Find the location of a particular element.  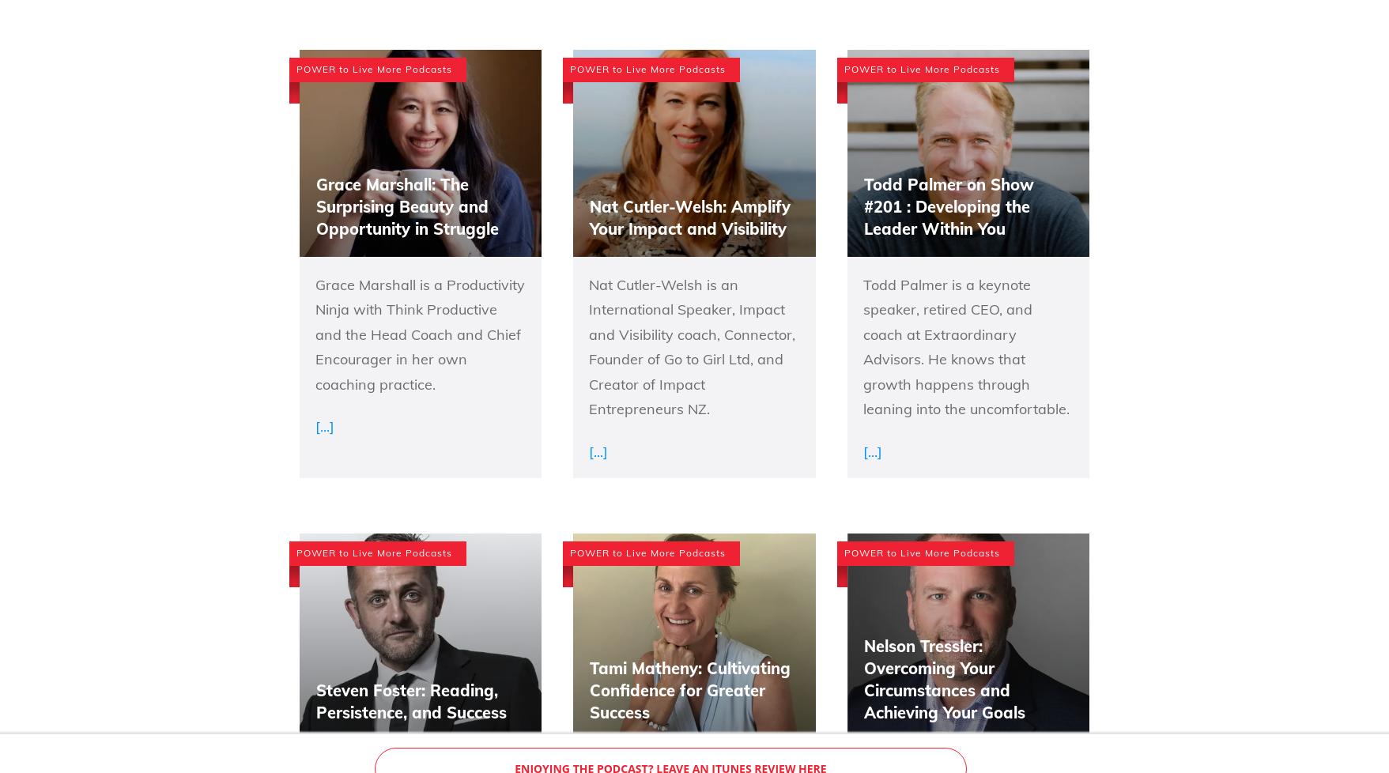

'Todd Palmer is a keynote speaker, retired CEO, and coach at Extraordinary Advisors. He knows that growth happens through leaning into the uncomfortable.' is located at coordinates (964, 345).